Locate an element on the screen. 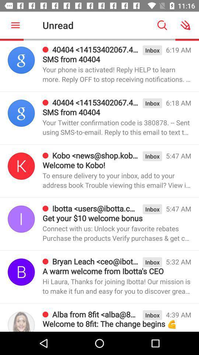 This screenshot has height=355, width=199. the save icon is located at coordinates (21, 271).